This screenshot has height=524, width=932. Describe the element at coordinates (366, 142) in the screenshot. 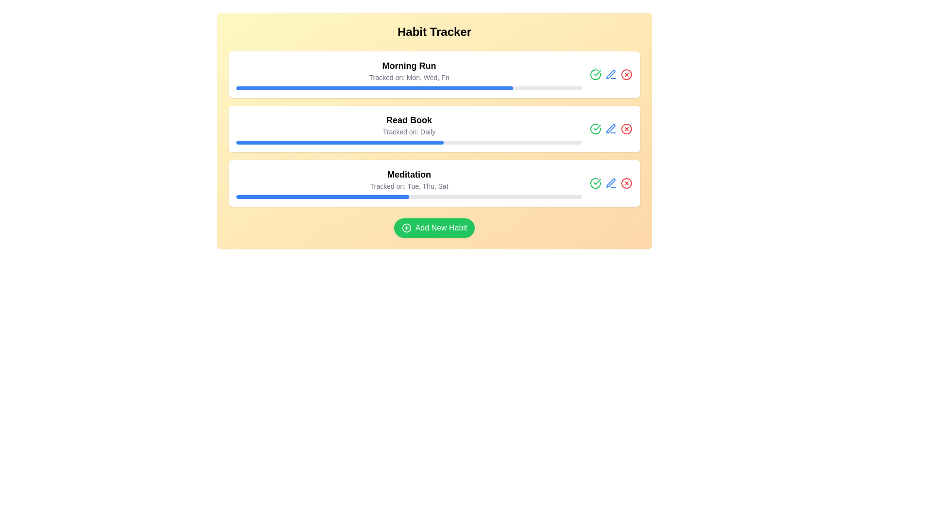

I see `the progress bar` at that location.